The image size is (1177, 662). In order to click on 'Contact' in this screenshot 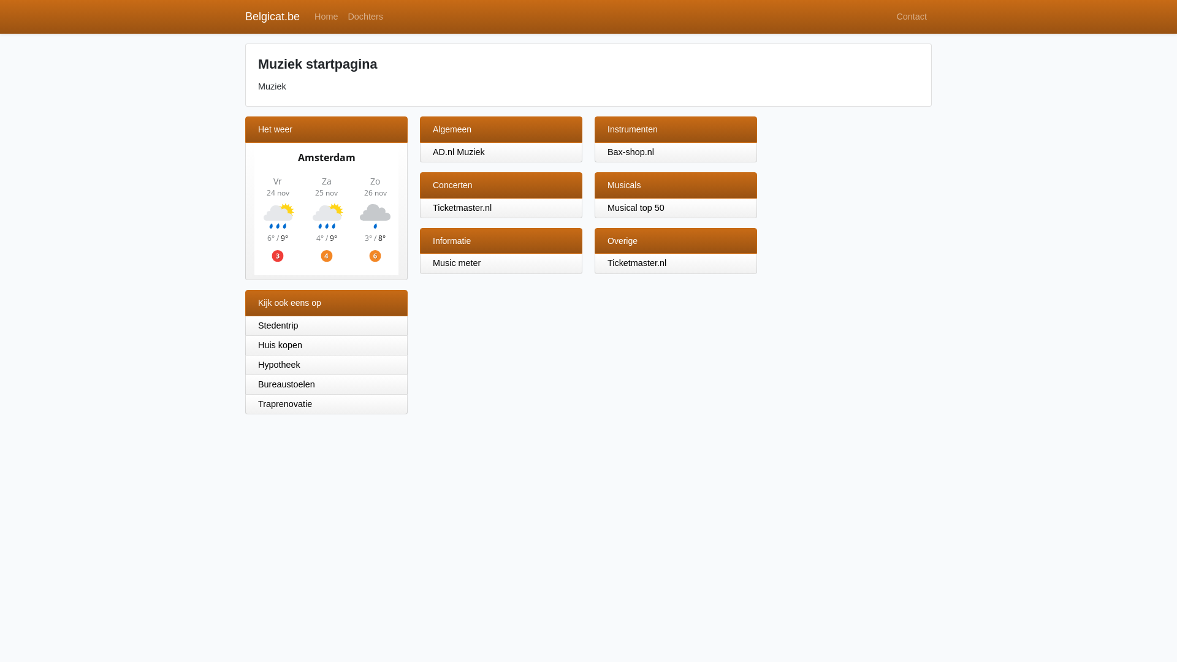, I will do `click(912, 17)`.